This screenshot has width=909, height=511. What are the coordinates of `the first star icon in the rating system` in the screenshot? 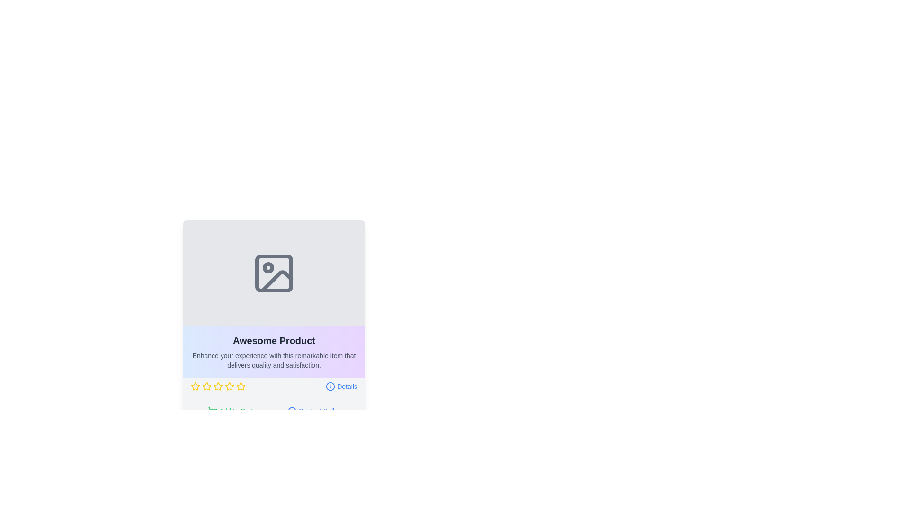 It's located at (195, 386).